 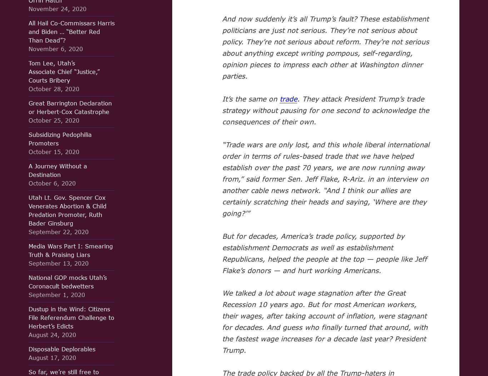 What do you see at coordinates (29, 71) in the screenshot?
I see `'Tom Lee, Utah’s Associate Chief “Justice,” Courts Bribery'` at bounding box center [29, 71].